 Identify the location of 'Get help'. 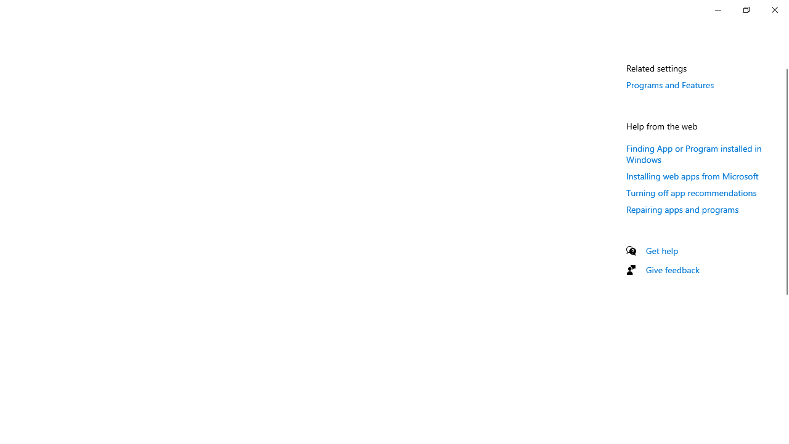
(661, 250).